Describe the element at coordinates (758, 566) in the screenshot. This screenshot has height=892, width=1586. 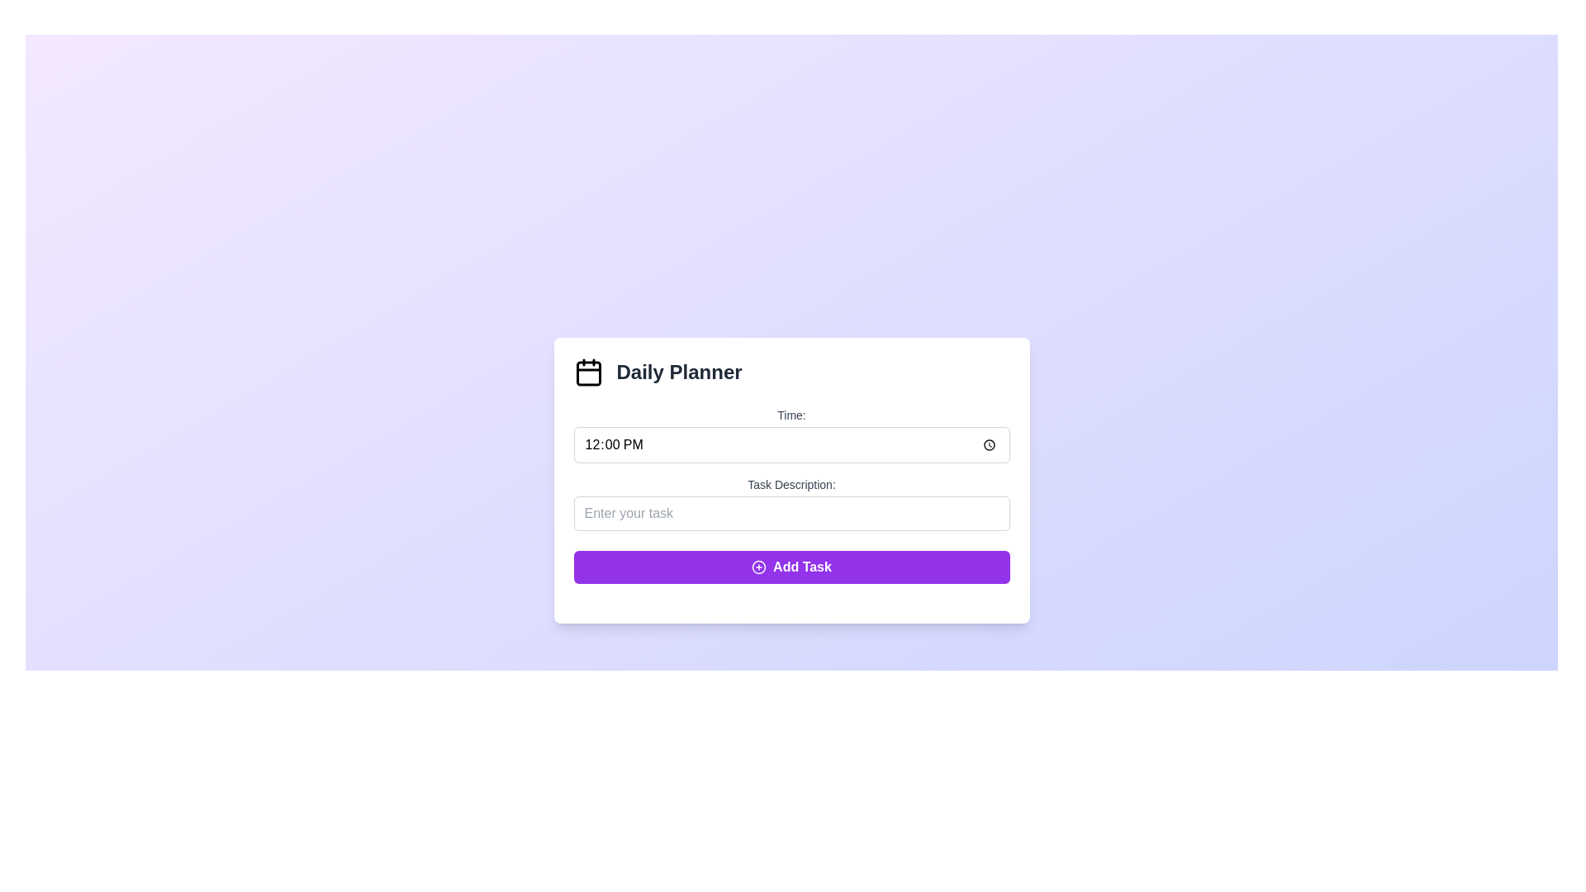
I see `the 'Add Task' button surrounding the SVG Circle` at that location.